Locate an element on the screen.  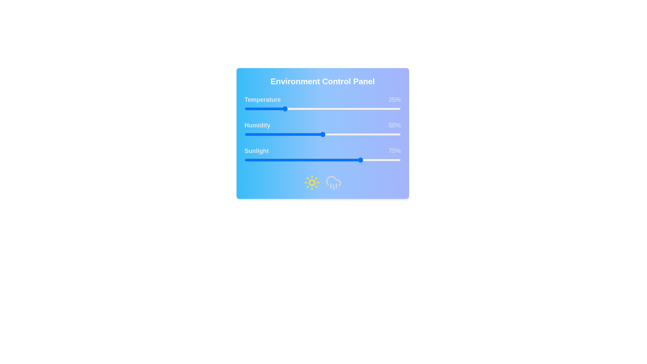
the Humidity slider to set its value to 71 is located at coordinates (355, 134).